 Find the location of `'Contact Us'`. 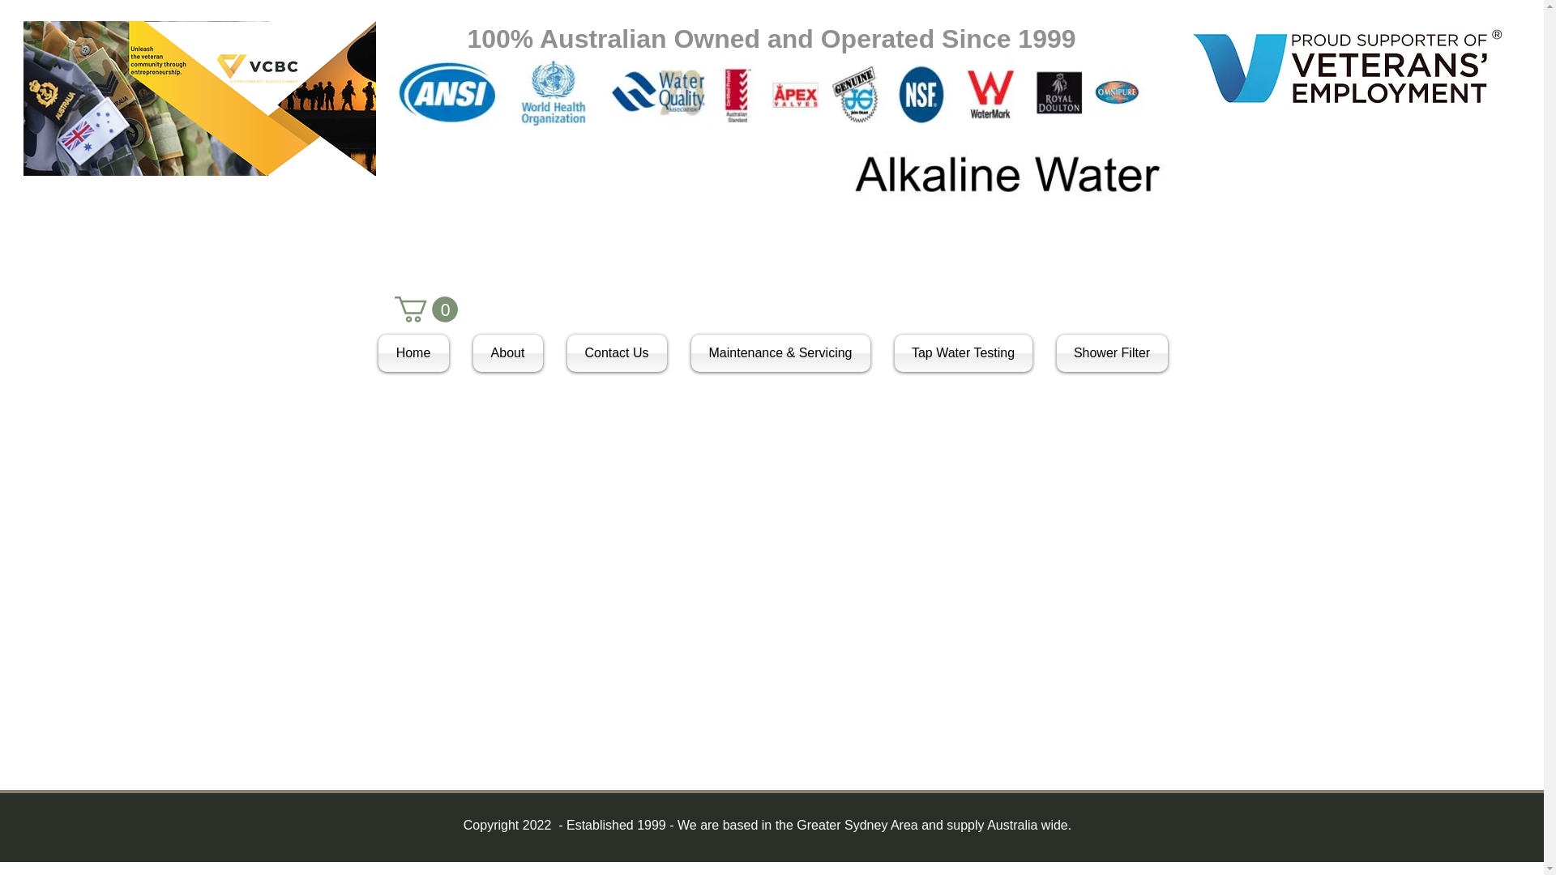

'Contact Us' is located at coordinates (615, 352).